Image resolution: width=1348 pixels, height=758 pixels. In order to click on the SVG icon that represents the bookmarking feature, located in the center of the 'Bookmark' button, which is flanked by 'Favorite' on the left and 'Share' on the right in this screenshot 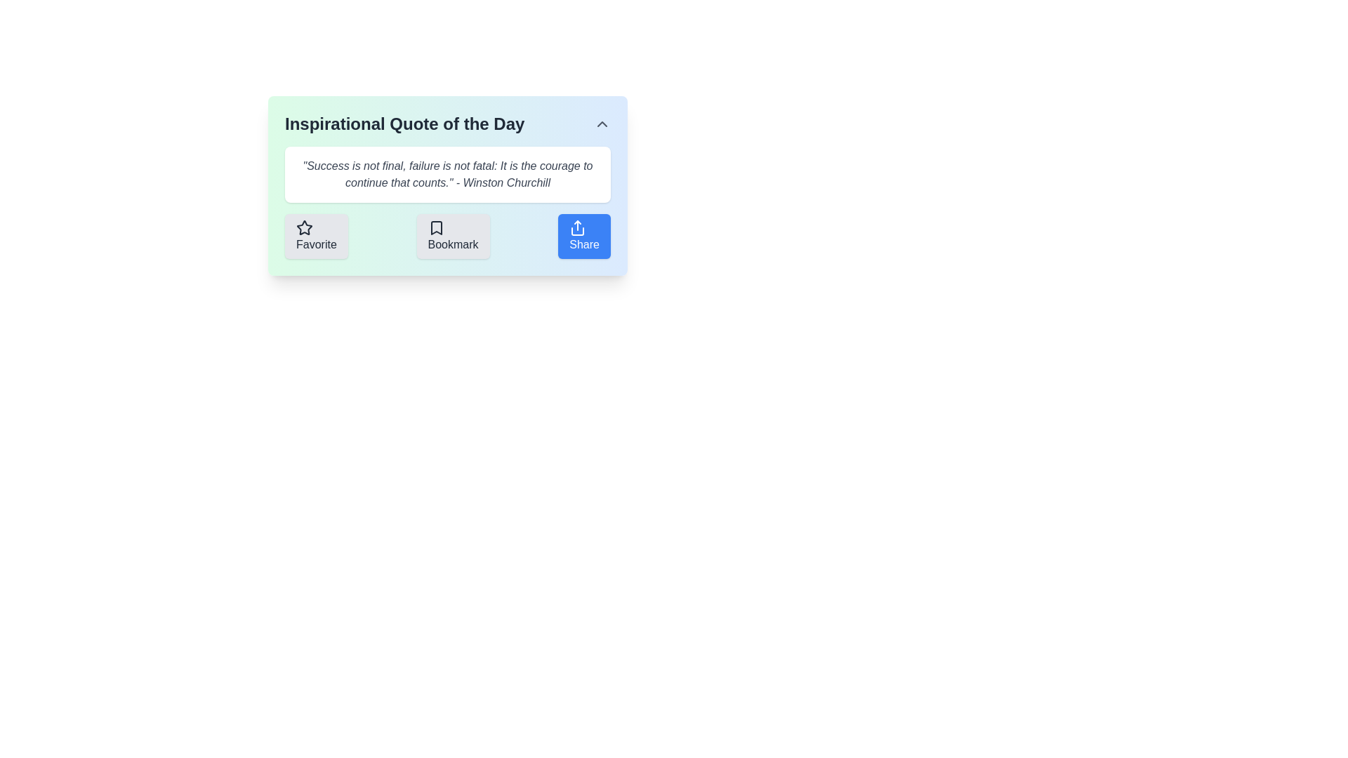, I will do `click(435, 227)`.